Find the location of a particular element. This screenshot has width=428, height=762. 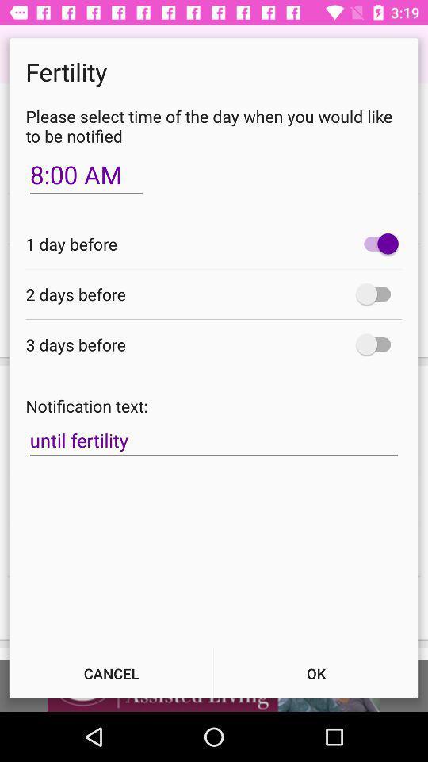

item above the notification text: is located at coordinates (376, 344).